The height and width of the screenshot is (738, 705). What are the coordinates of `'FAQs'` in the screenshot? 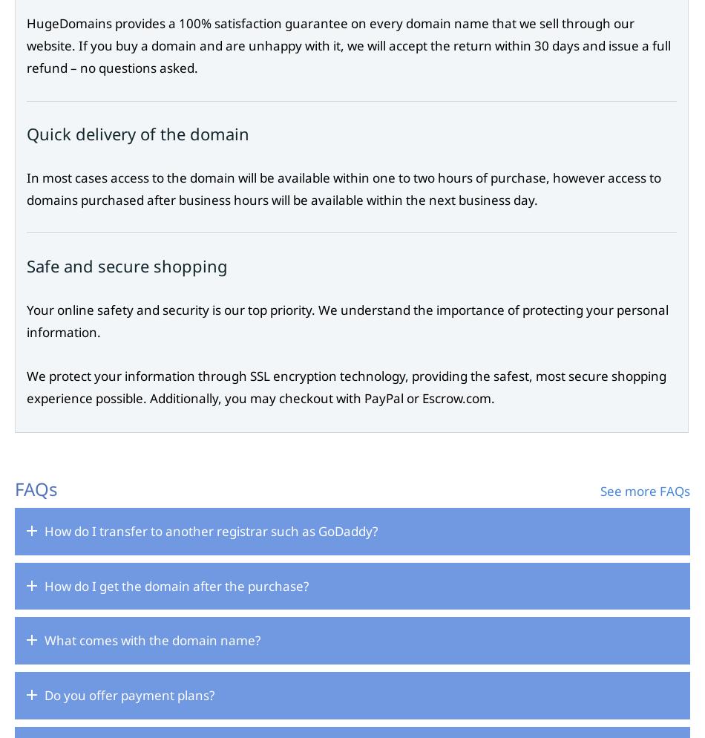 It's located at (36, 488).